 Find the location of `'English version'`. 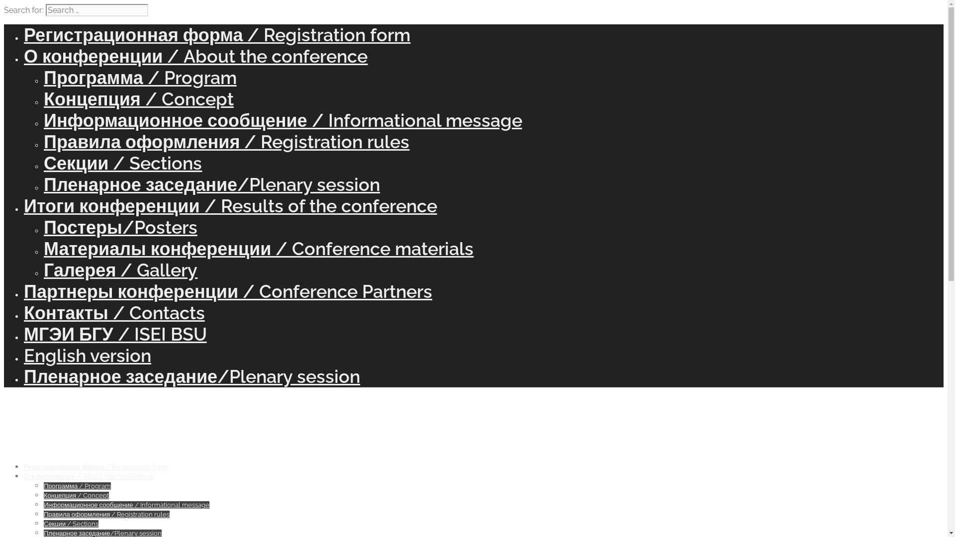

'English version' is located at coordinates (88, 355).